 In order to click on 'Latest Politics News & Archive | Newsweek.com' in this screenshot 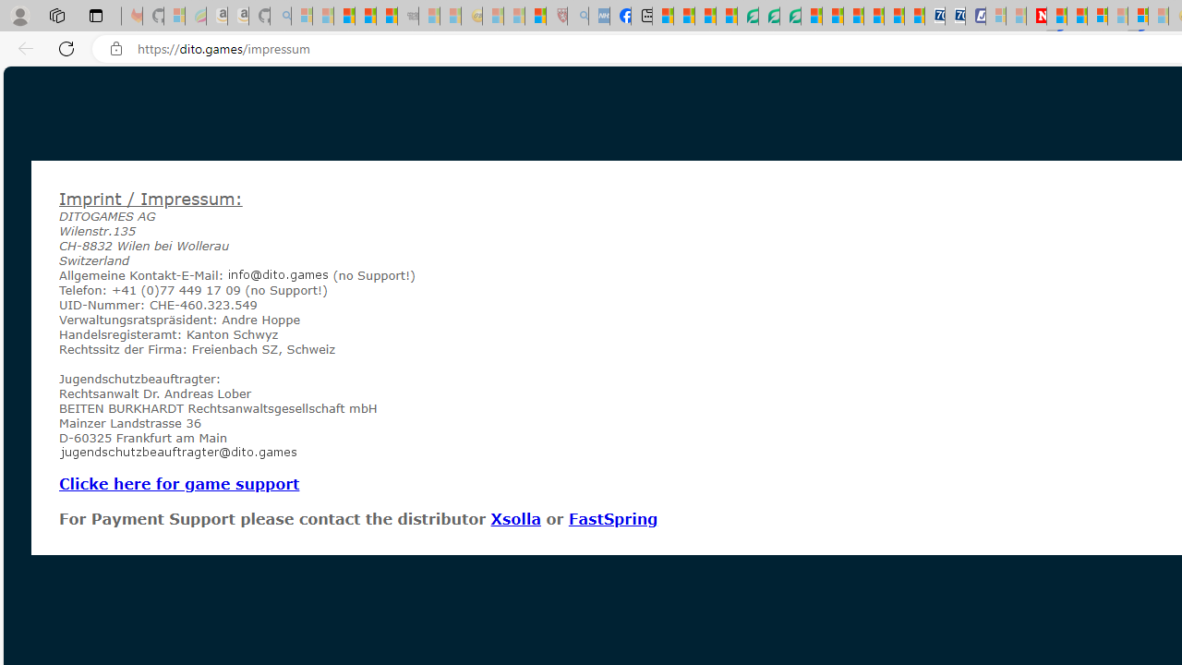, I will do `click(1036, 16)`.